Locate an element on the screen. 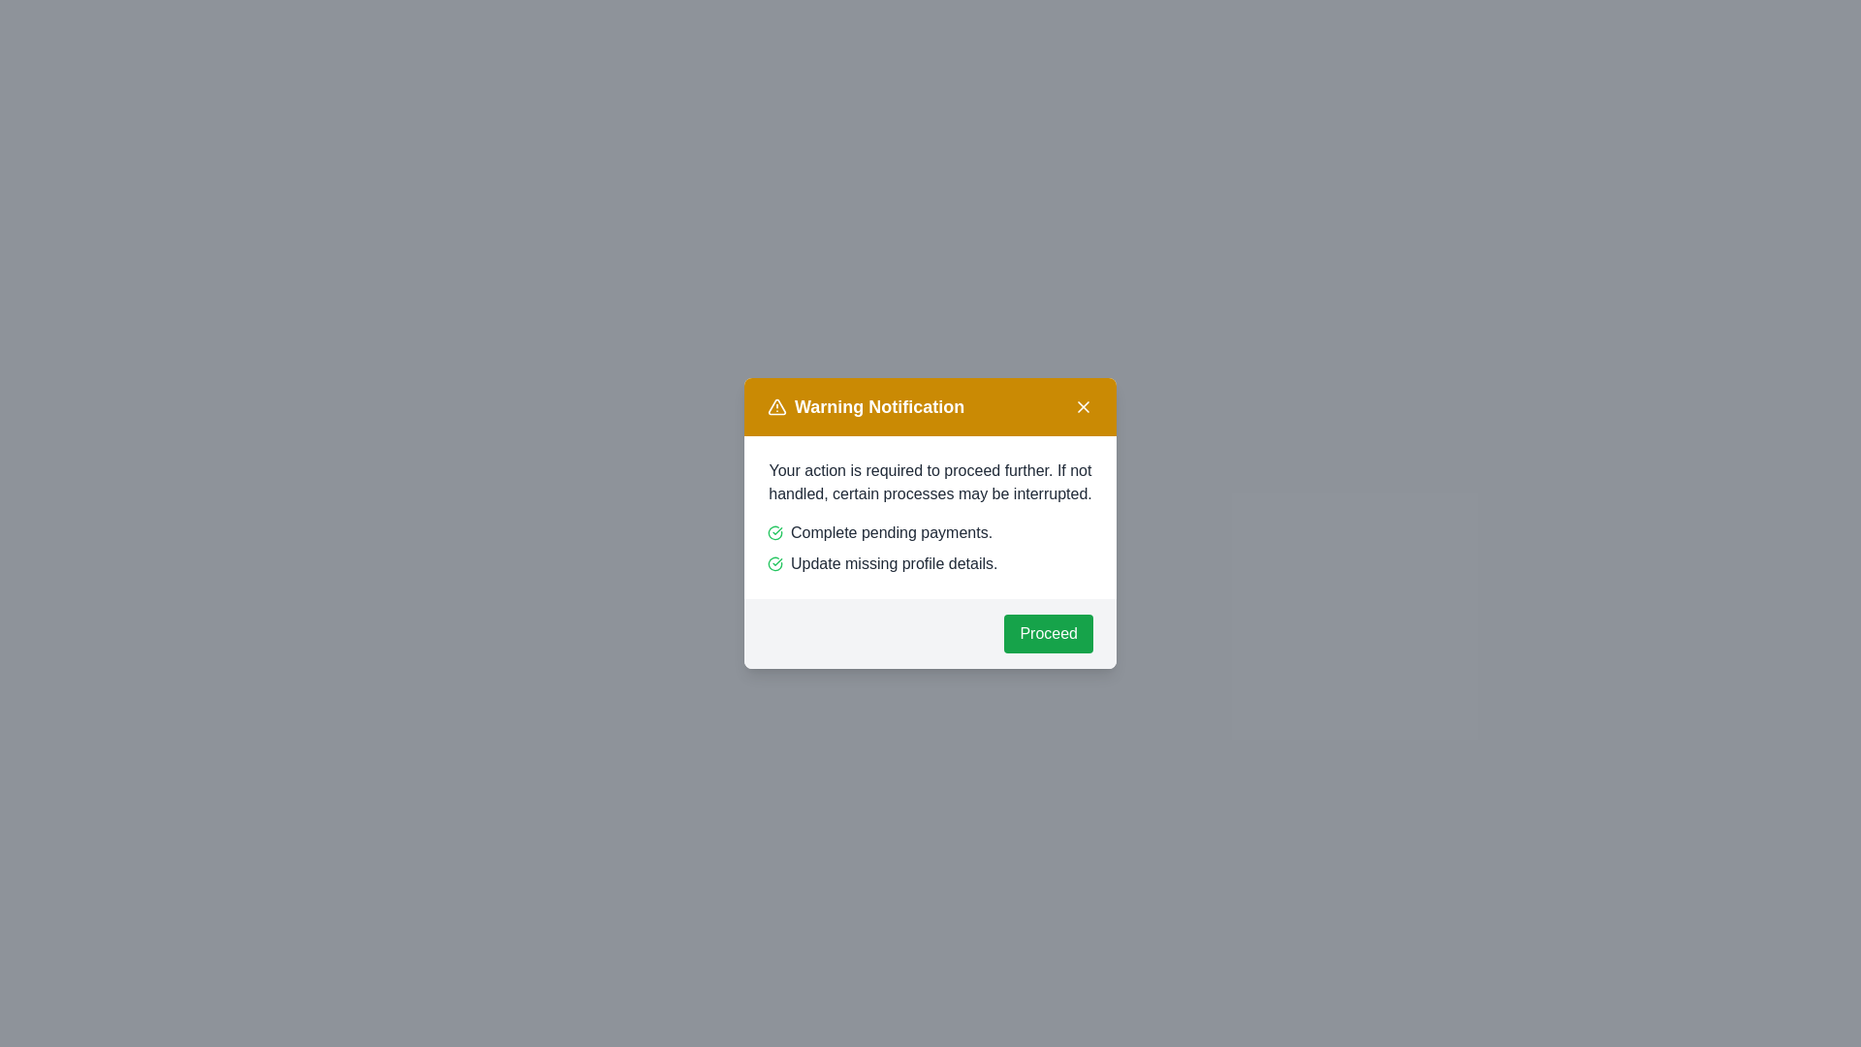 The height and width of the screenshot is (1047, 1861). the triangular yellow-orange warning icon located in the header section of the notification modal, which is positioned to the left of the text label reading 'Warning Notification' is located at coordinates (776, 406).